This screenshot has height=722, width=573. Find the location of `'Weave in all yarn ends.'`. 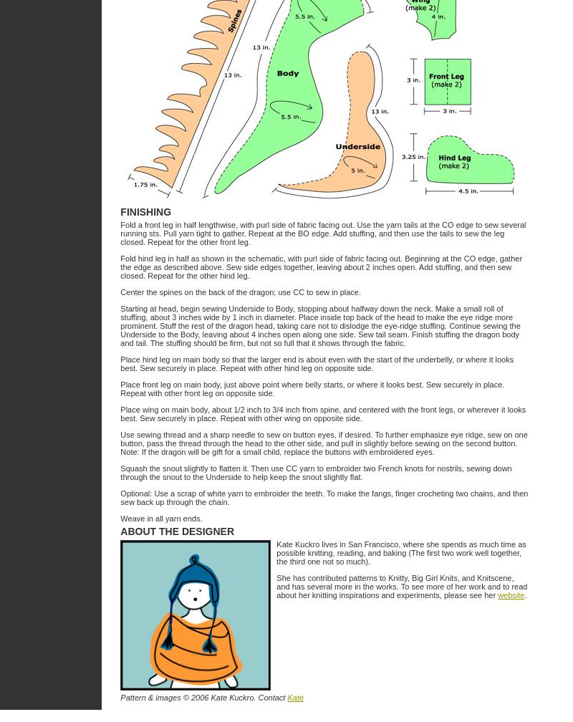

'Weave in all yarn ends.' is located at coordinates (160, 519).